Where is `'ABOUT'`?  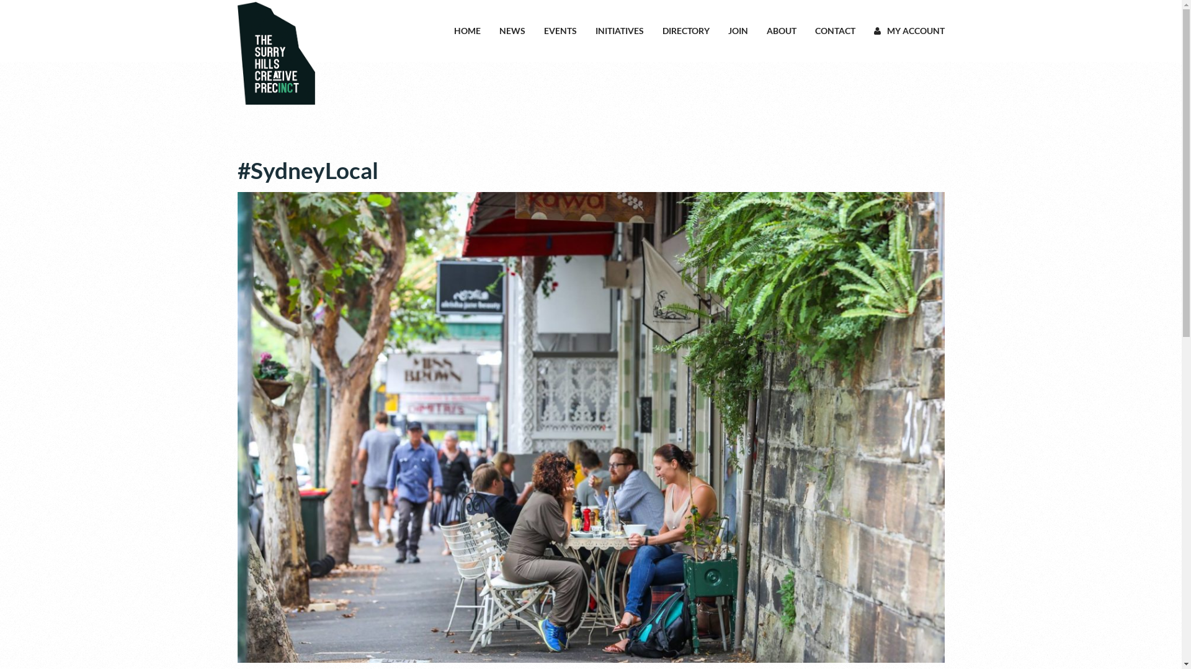
'ABOUT' is located at coordinates (780, 30).